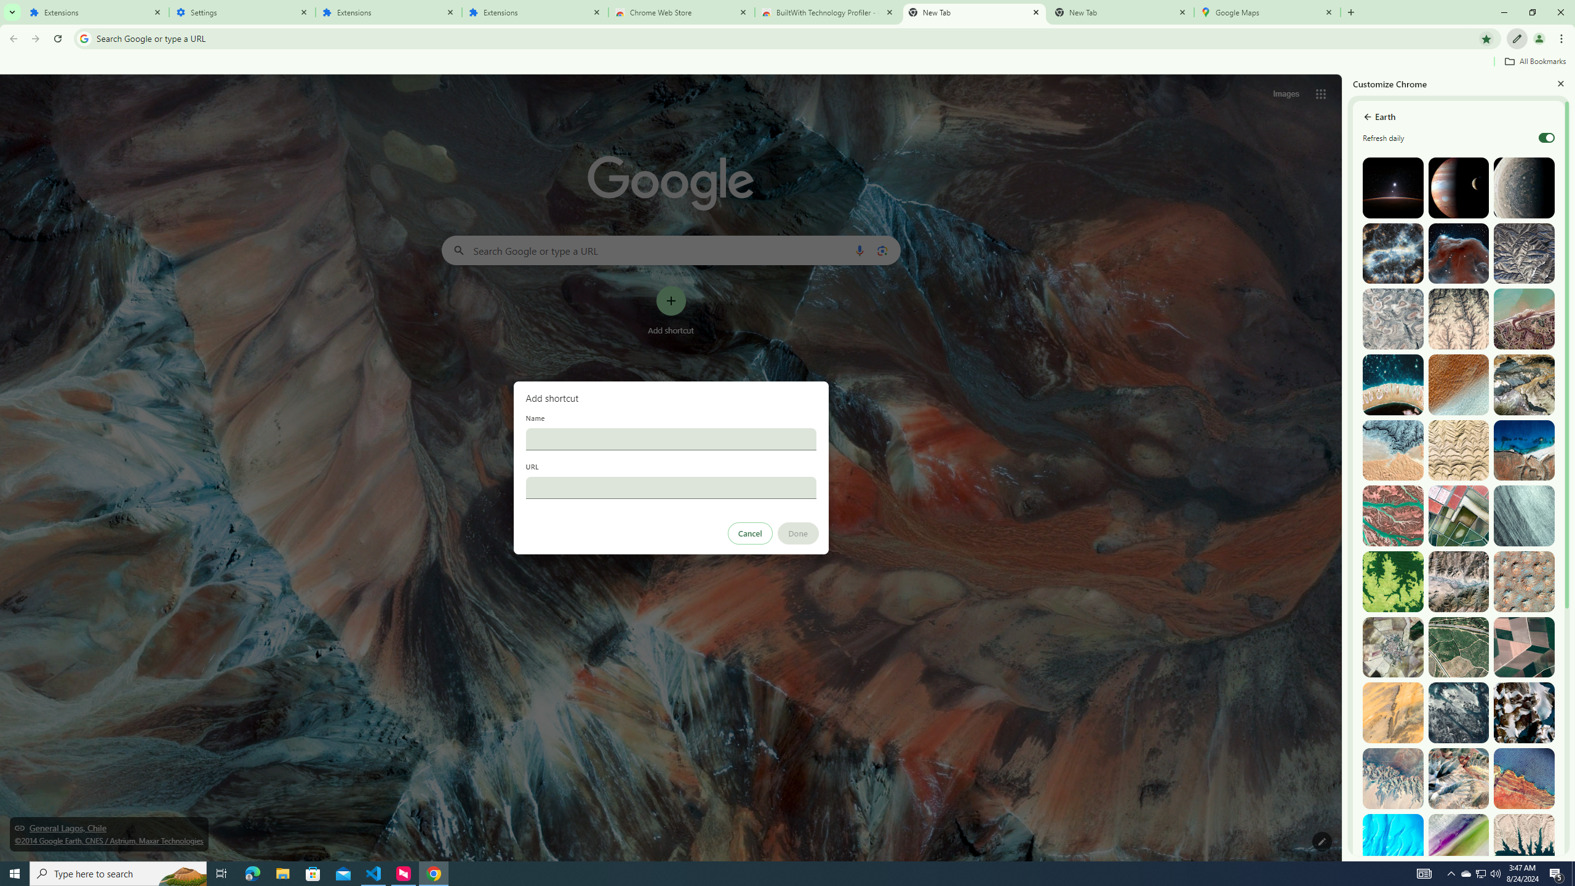  I want to click on 'Name', so click(670, 438).